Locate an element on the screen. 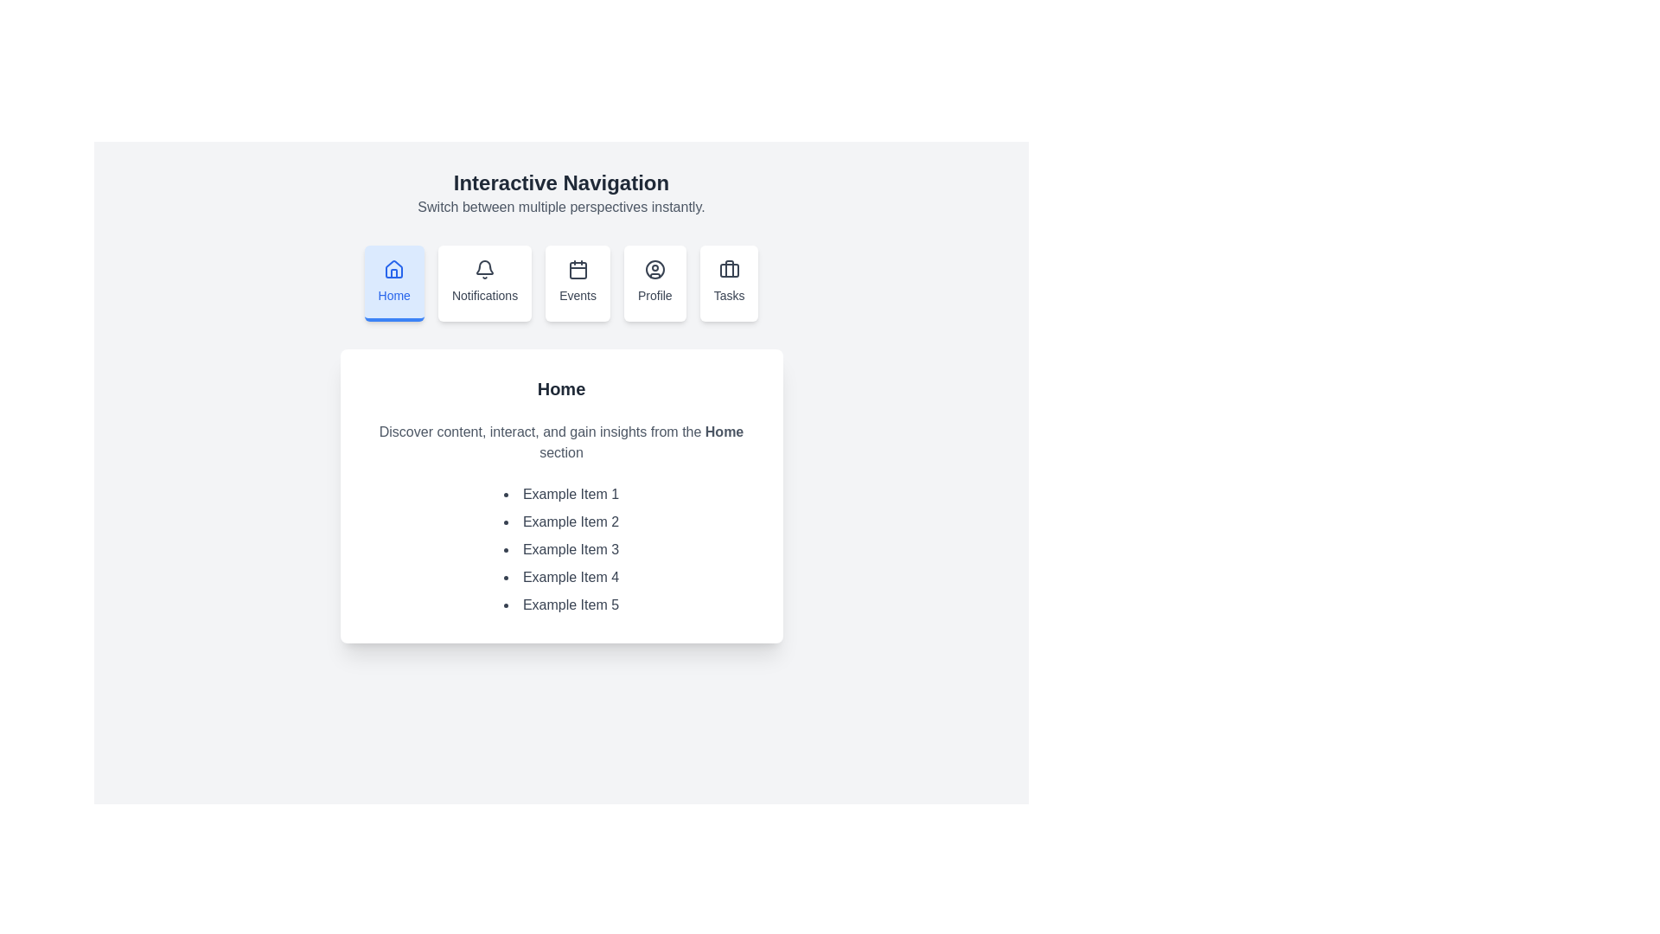 Image resolution: width=1660 pixels, height=934 pixels. the notification icon, which is the second button from the left in the top navigation menu labeled 'Notifications' is located at coordinates (484, 270).